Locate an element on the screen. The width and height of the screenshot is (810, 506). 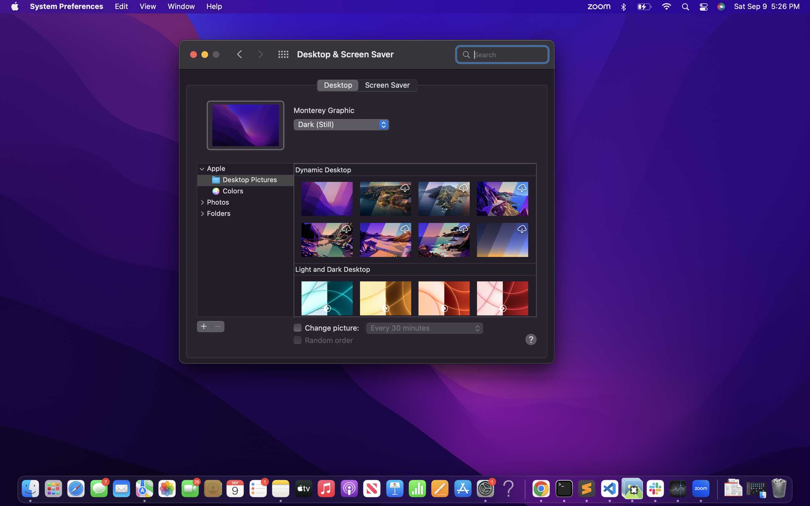
a color wallpaper is located at coordinates (247, 191).